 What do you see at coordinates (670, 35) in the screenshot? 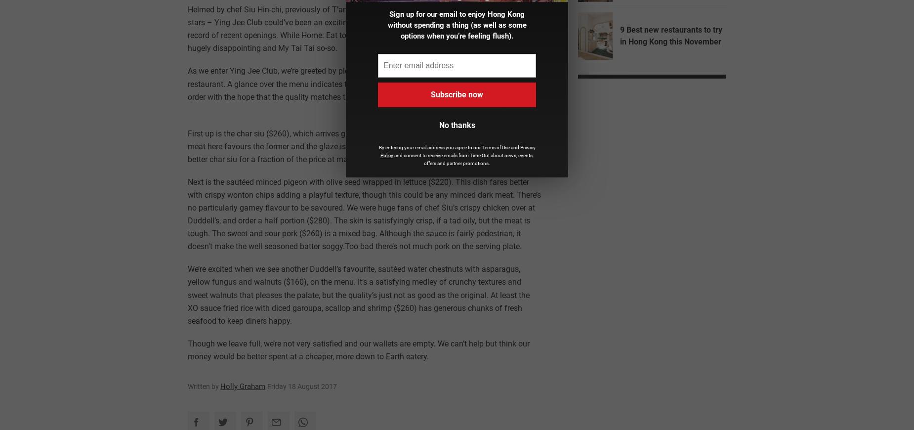
I see `'9 Best new restaurants to try in Hong Kong this November'` at bounding box center [670, 35].